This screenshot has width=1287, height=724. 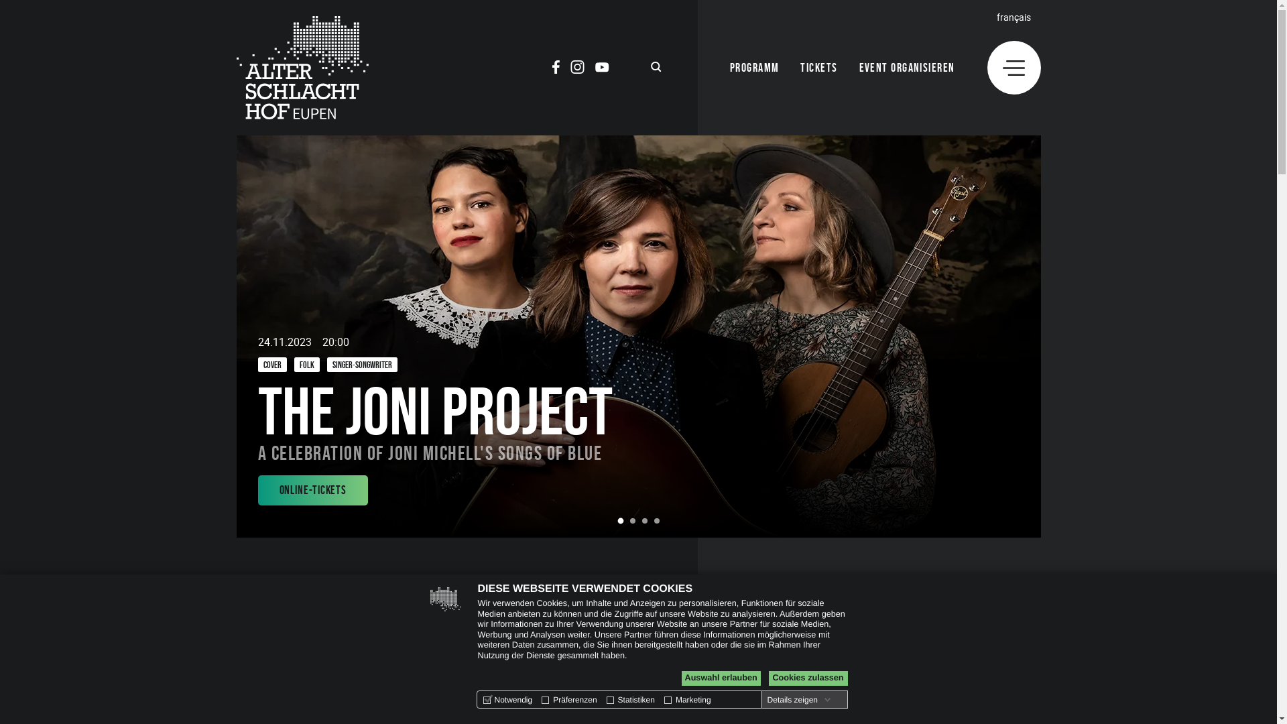 What do you see at coordinates (765, 699) in the screenshot?
I see `'Details zeigen'` at bounding box center [765, 699].